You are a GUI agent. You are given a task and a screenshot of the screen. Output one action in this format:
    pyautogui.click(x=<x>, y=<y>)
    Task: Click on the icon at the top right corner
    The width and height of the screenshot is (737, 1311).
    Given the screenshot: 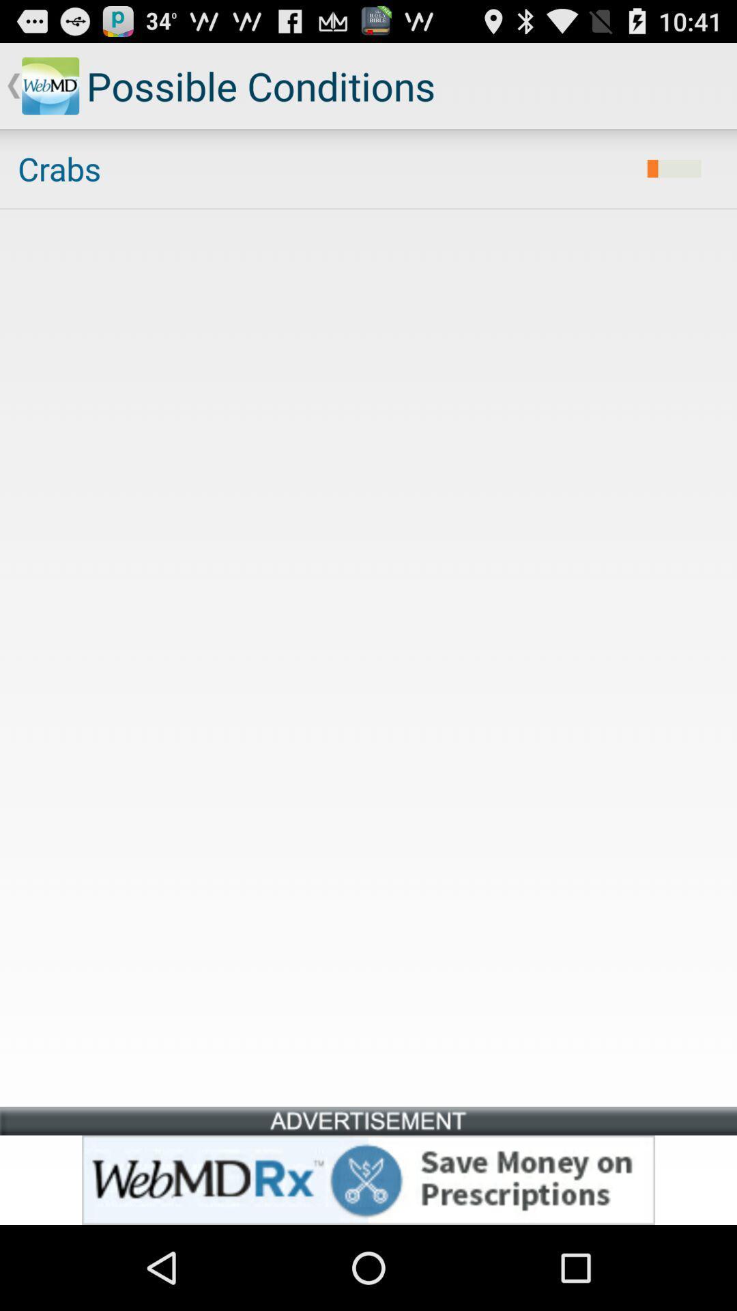 What is the action you would take?
    pyautogui.click(x=674, y=168)
    